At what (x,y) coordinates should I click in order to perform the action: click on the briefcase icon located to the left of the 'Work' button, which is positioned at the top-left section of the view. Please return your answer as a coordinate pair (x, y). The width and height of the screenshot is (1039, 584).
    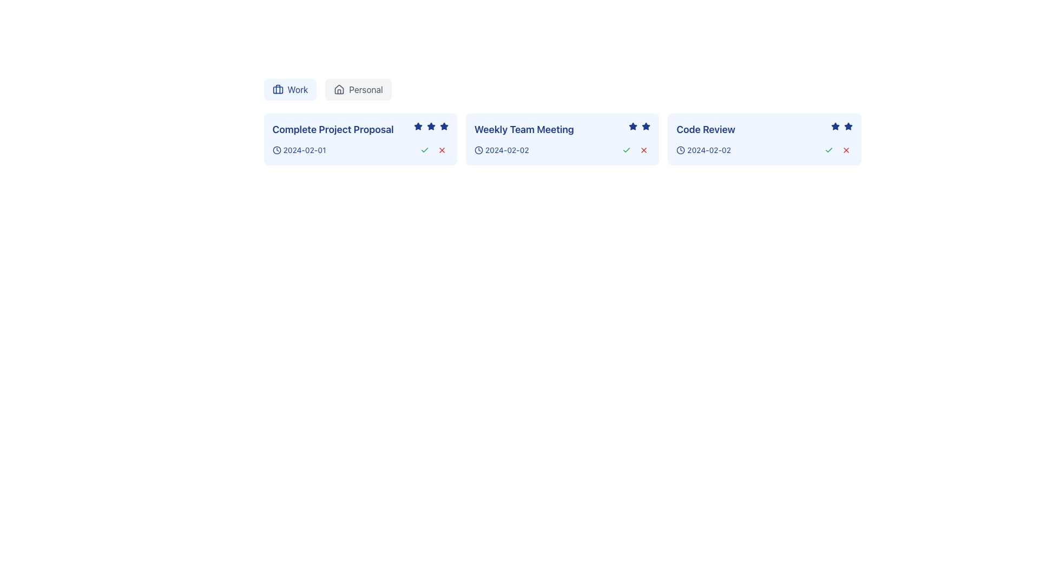
    Looking at the image, I should click on (278, 89).